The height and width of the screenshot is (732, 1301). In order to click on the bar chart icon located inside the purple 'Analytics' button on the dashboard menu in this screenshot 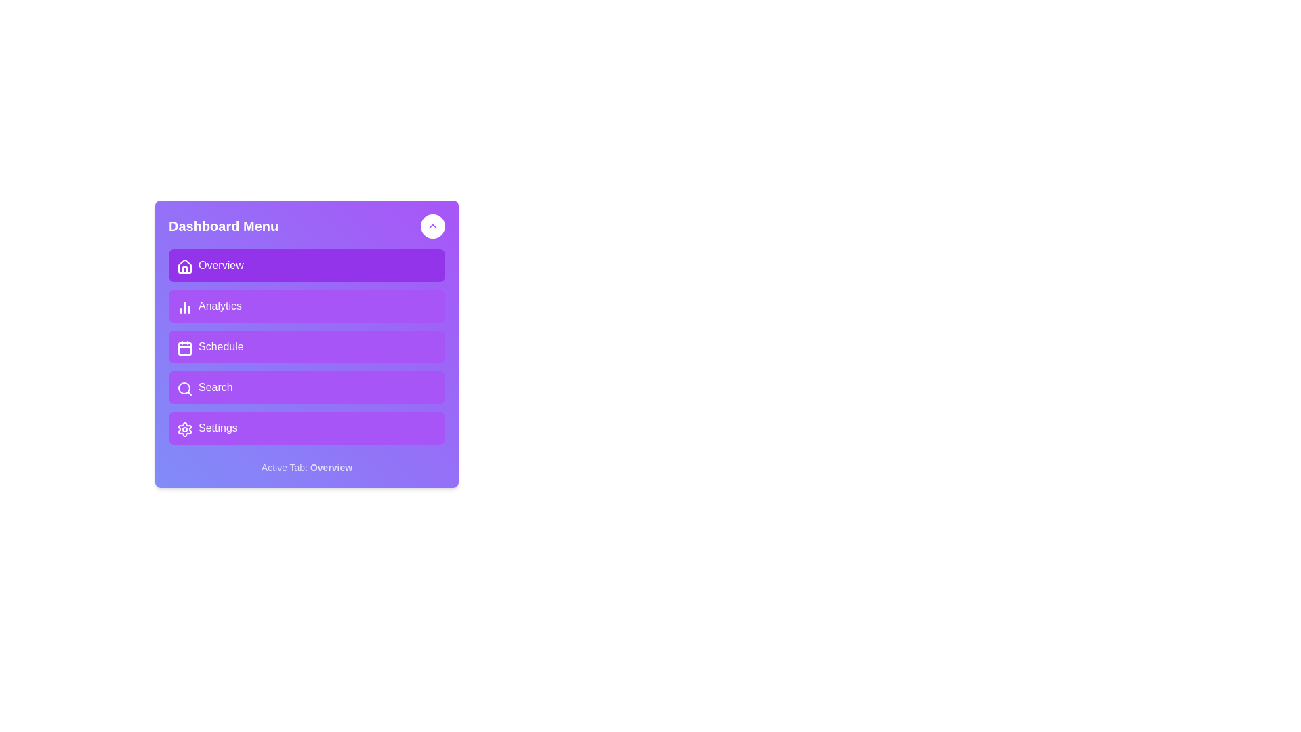, I will do `click(182, 306)`.